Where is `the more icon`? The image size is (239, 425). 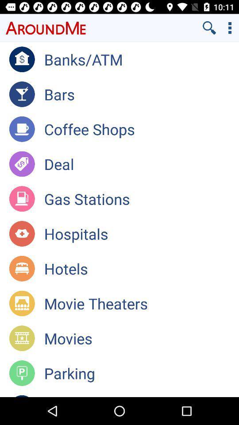
the more icon is located at coordinates (230, 27).